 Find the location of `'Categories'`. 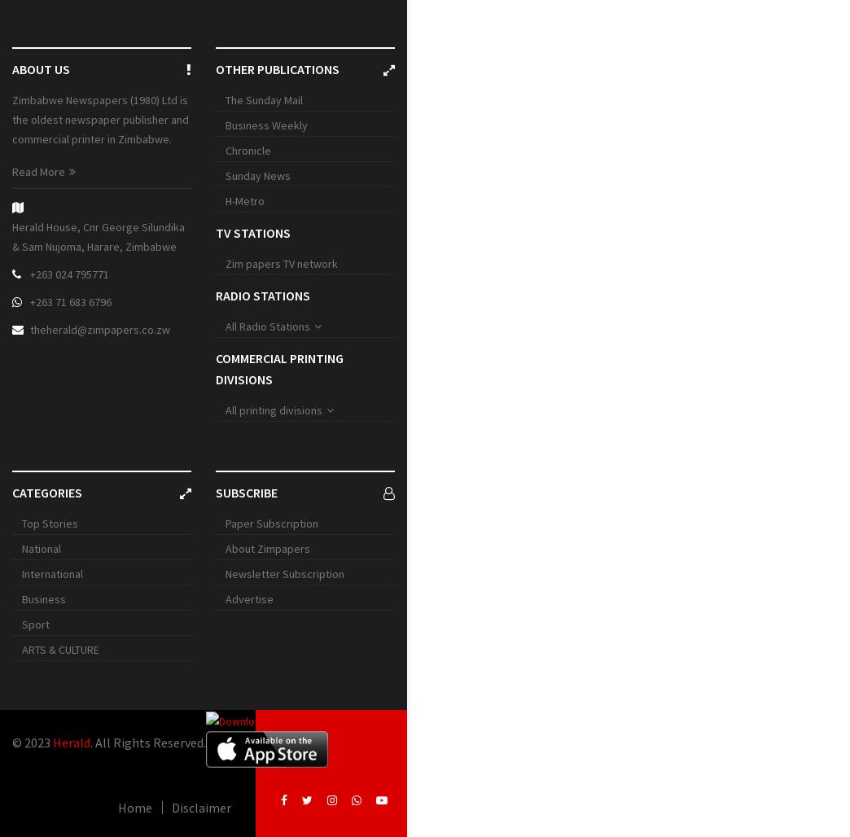

'Categories' is located at coordinates (46, 491).